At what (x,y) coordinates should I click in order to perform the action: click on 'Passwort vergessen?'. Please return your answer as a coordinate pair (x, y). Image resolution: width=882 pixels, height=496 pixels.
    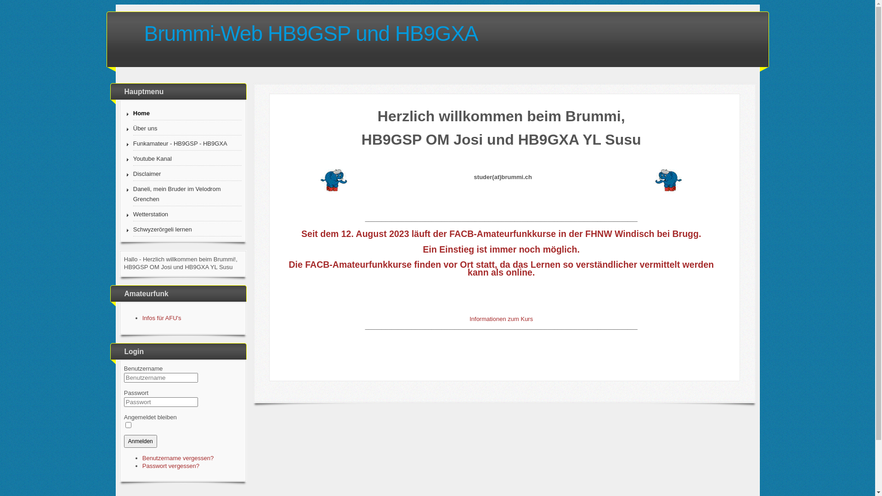
    Looking at the image, I should click on (171, 466).